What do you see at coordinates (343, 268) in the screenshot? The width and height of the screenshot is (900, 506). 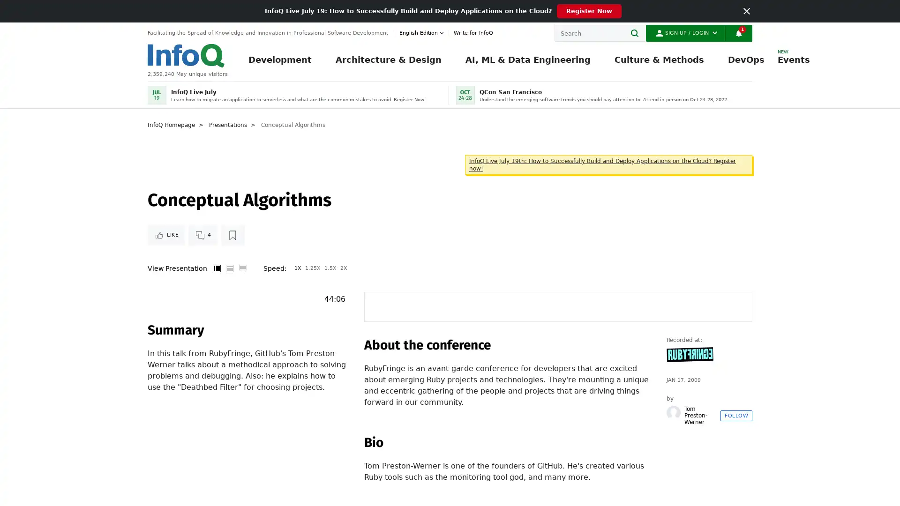 I see `2x` at bounding box center [343, 268].